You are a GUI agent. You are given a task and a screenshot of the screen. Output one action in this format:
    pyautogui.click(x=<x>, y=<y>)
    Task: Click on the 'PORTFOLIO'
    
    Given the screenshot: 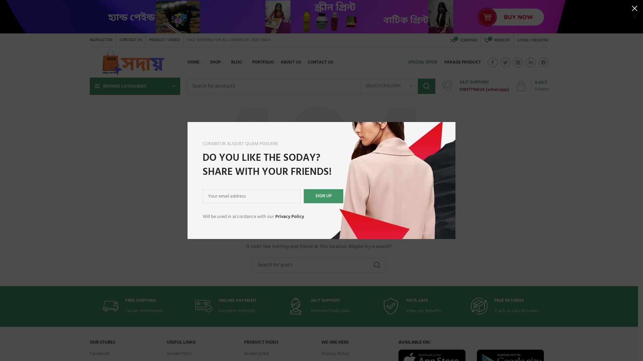 What is the action you would take?
    pyautogui.click(x=262, y=62)
    